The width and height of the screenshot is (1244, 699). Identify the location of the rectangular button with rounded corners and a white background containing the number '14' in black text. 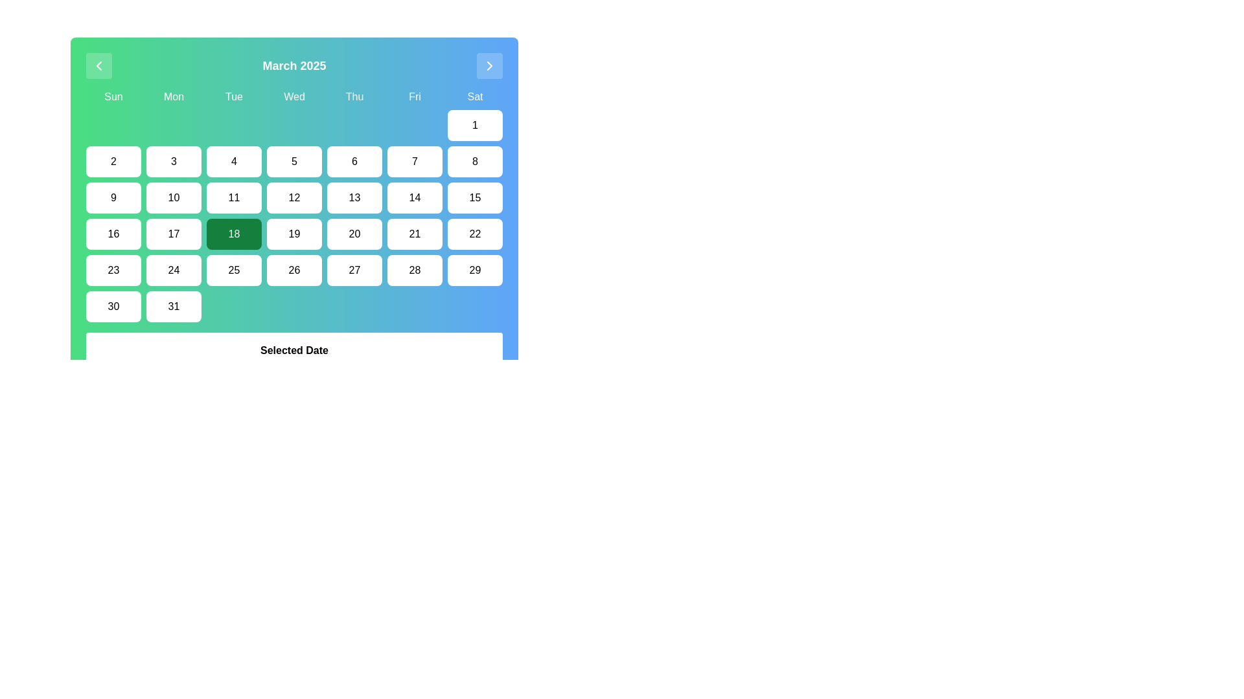
(415, 197).